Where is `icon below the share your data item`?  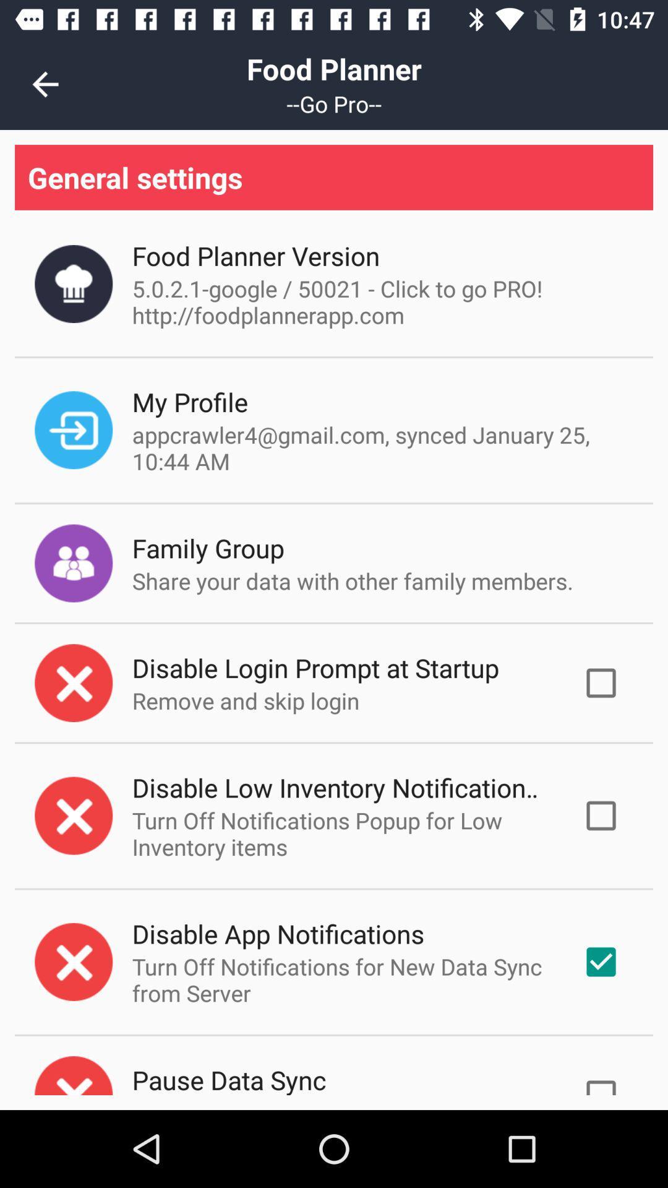
icon below the share your data item is located at coordinates (315, 667).